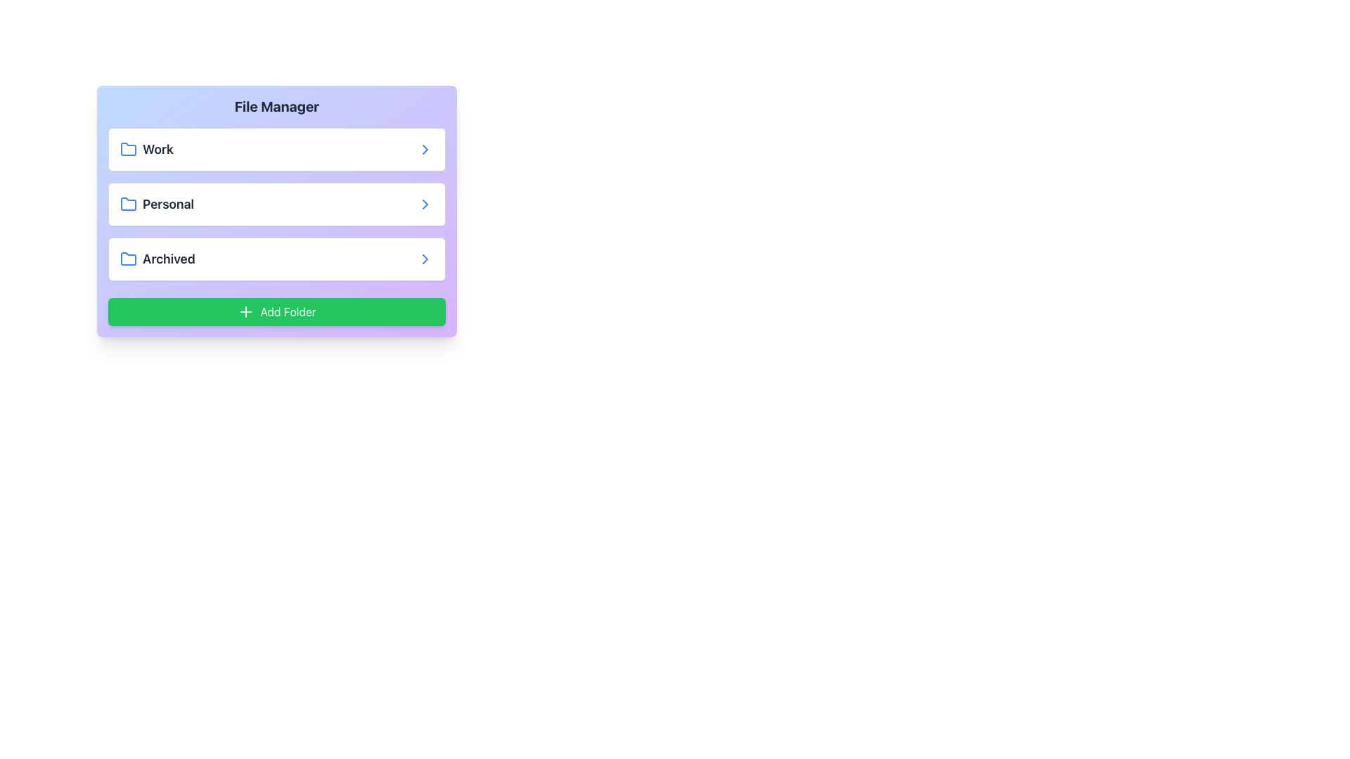  Describe the element at coordinates (128, 149) in the screenshot. I see `the blue outlined folder icon located to the left of the text 'Work' in the file manager interface` at that location.